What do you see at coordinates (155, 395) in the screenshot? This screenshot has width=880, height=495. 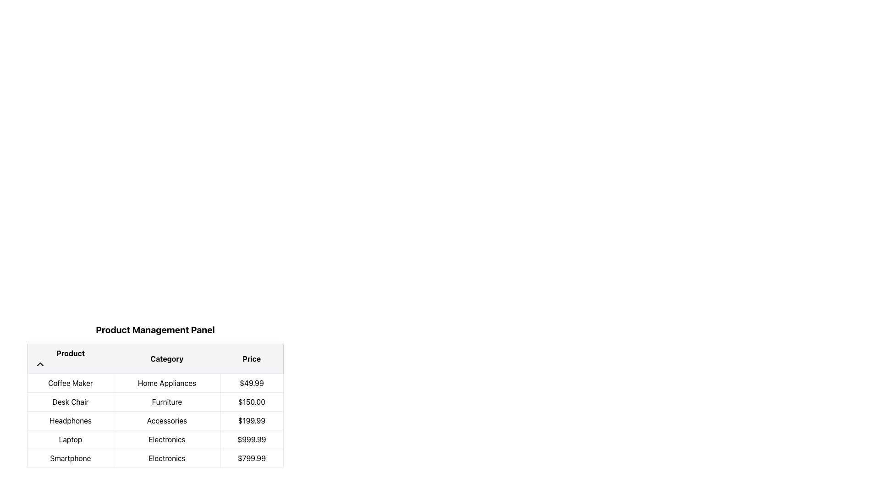 I see `the table cell displaying the category classification for the 'Desk Chair' product in the 'Product Management Panel' section` at bounding box center [155, 395].